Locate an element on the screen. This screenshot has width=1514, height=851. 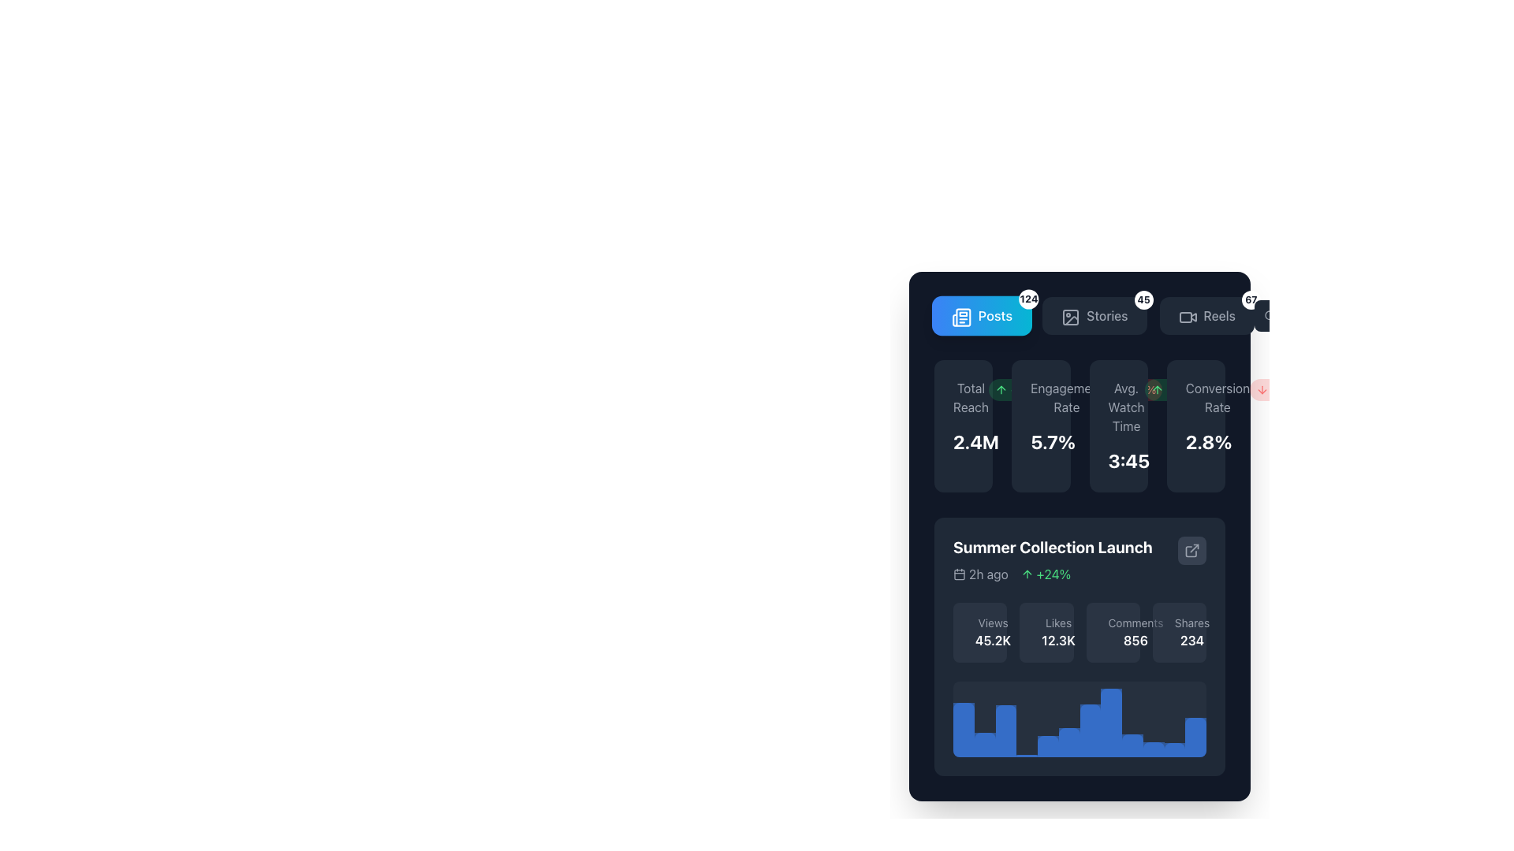
the percentage value of the Indicator showing a decrease in engagement rate, located to the right of the 'Engagement Rate' label in the top-right section of the card interface is located at coordinates (1132, 389).